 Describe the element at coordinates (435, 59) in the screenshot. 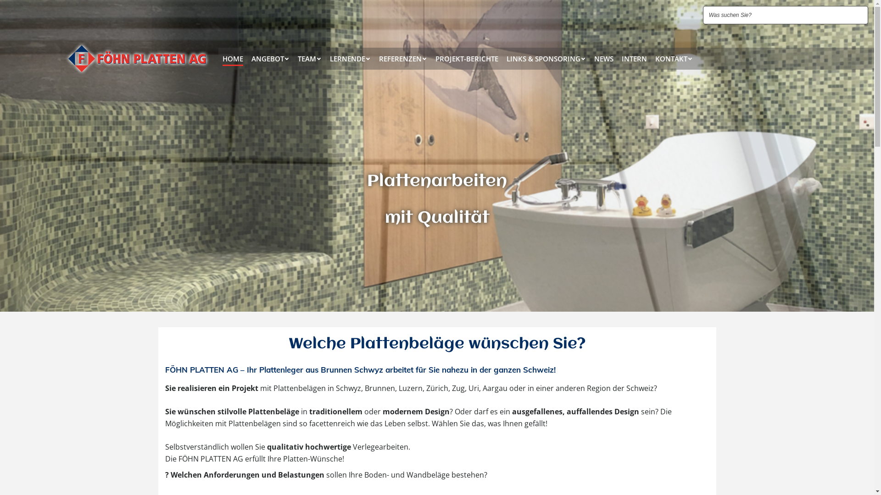

I see `'PROJEKT-BERICHTE'` at that location.